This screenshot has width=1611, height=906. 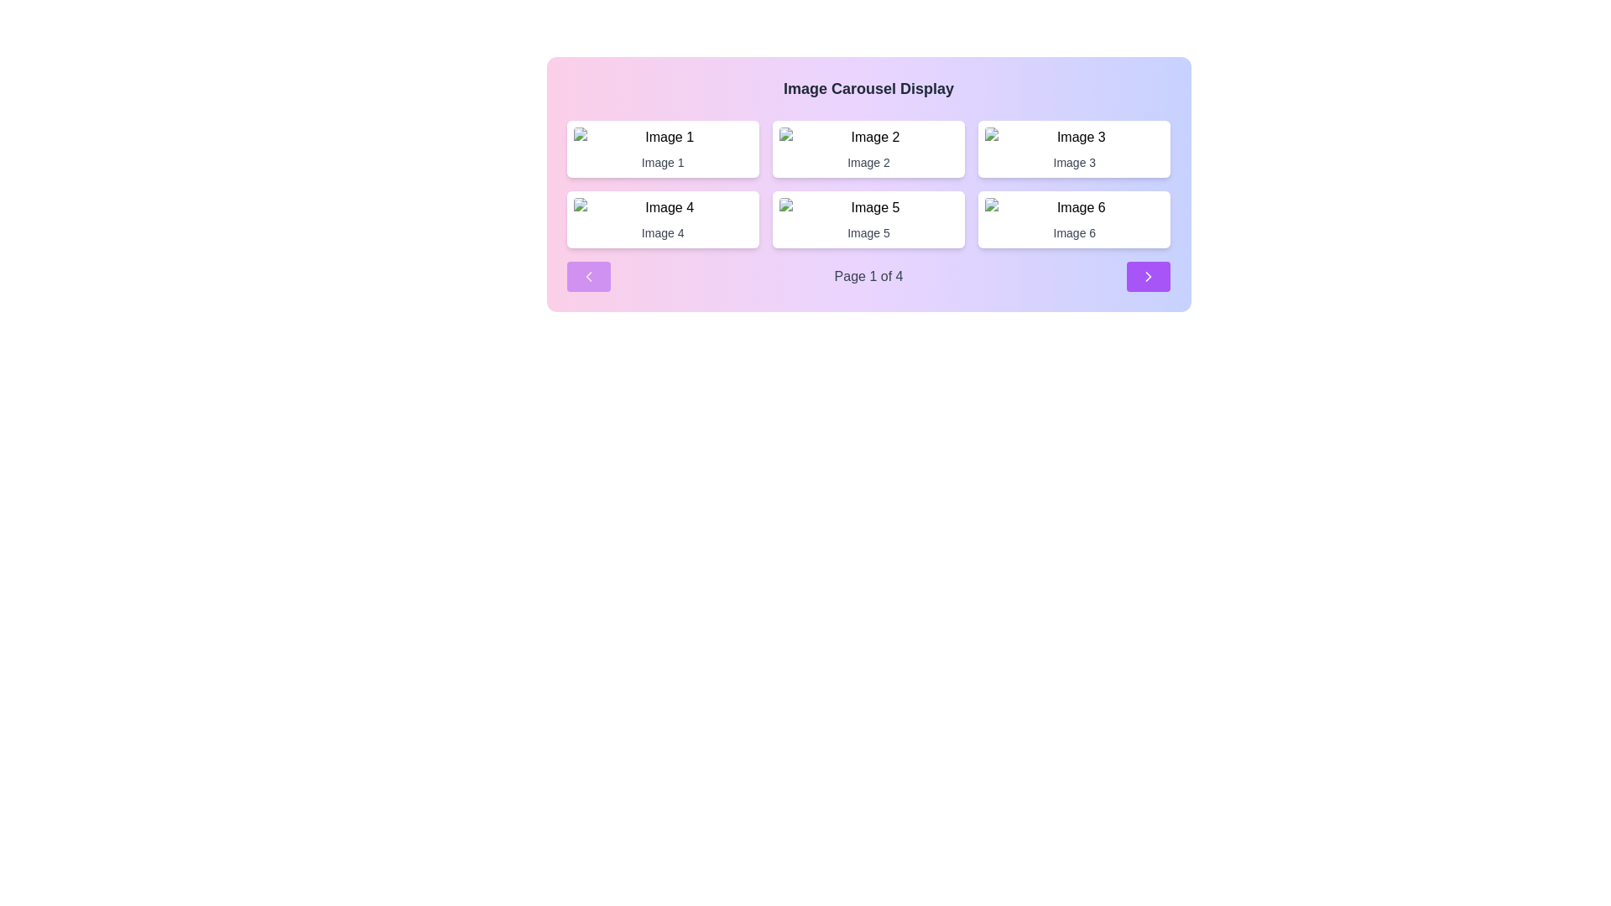 What do you see at coordinates (1074, 162) in the screenshot?
I see `text label 'Image 3' displayed in gray, centered below the third image in the grid layout` at bounding box center [1074, 162].